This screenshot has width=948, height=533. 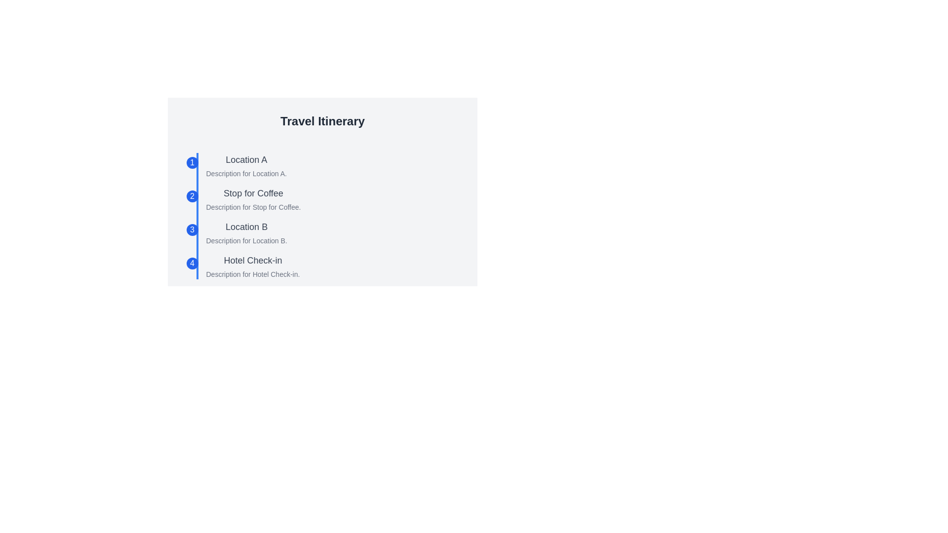 I want to click on the static informational text label providing details about the 'Hotel Check-in' step in the travel itinerary, so click(x=253, y=274).